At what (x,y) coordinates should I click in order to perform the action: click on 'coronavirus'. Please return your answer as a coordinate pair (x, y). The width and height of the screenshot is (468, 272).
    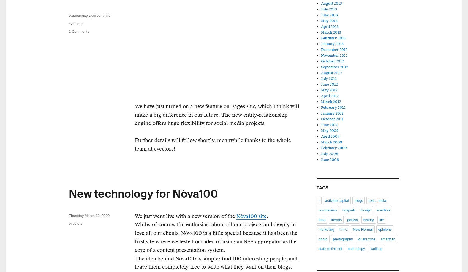
    Looking at the image, I should click on (327, 210).